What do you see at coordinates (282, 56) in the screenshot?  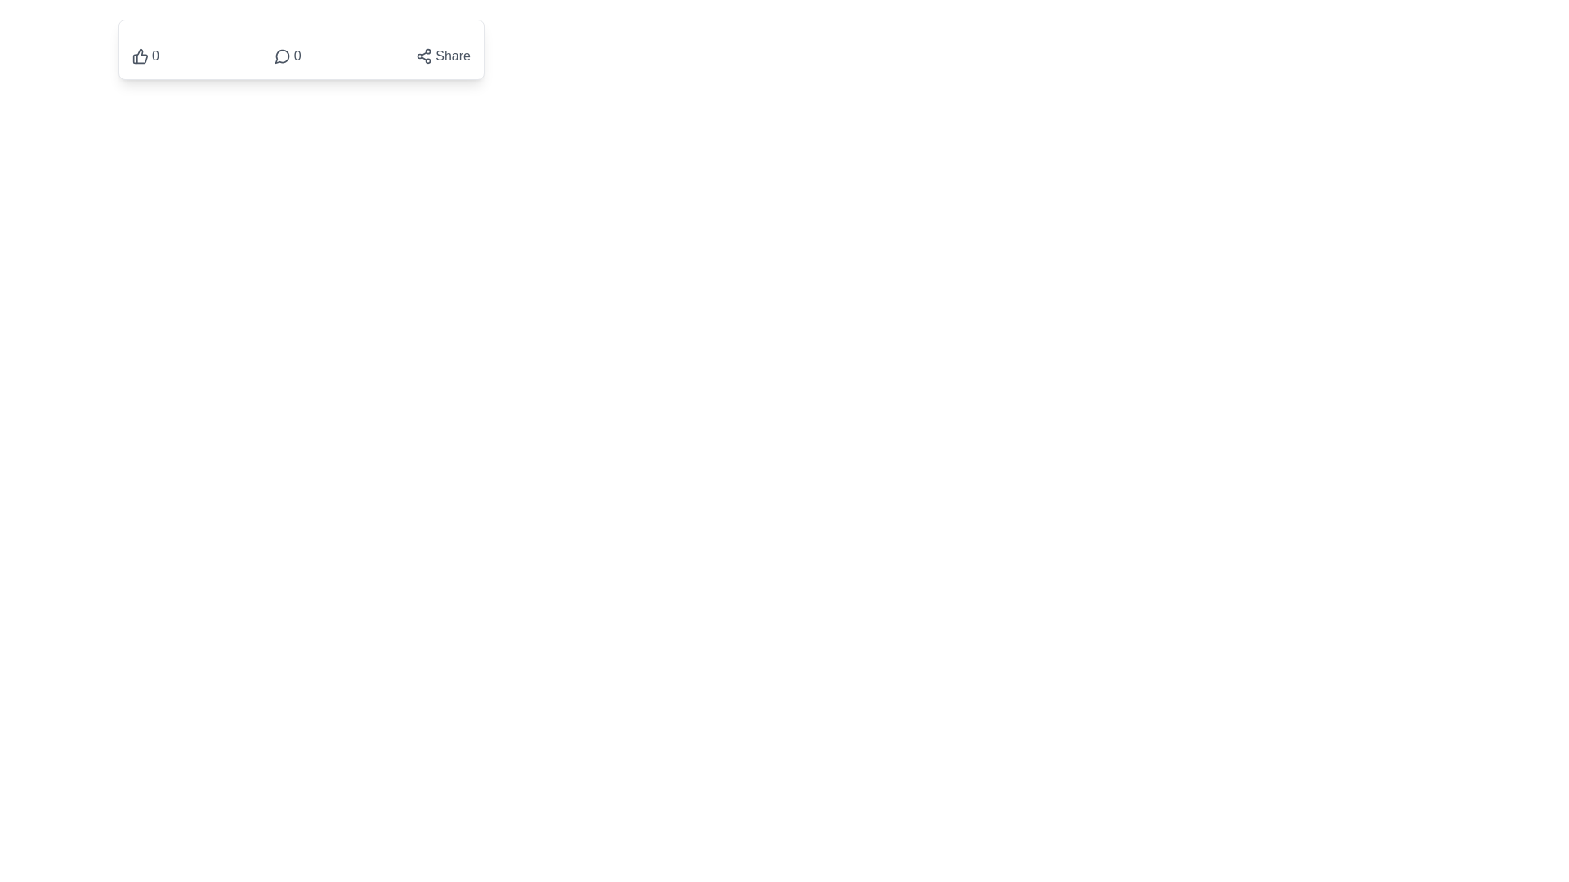 I see `the circular speech bubble icon with a tail, located to the right of the thumbs-up icon and counter` at bounding box center [282, 56].